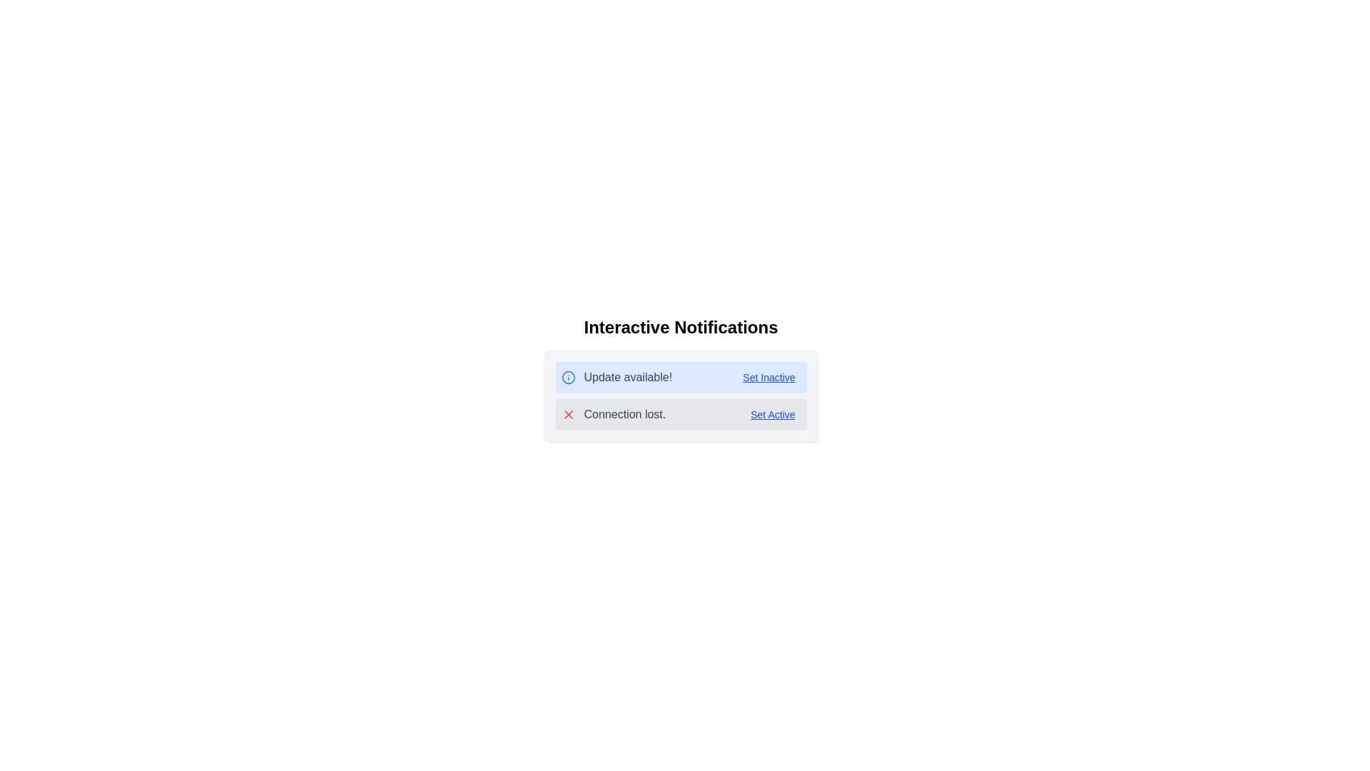 This screenshot has width=1370, height=771. I want to click on the notification component with a light blue background that shows 'Update available!' and includes a 'Set Inactive' option, so click(680, 376).